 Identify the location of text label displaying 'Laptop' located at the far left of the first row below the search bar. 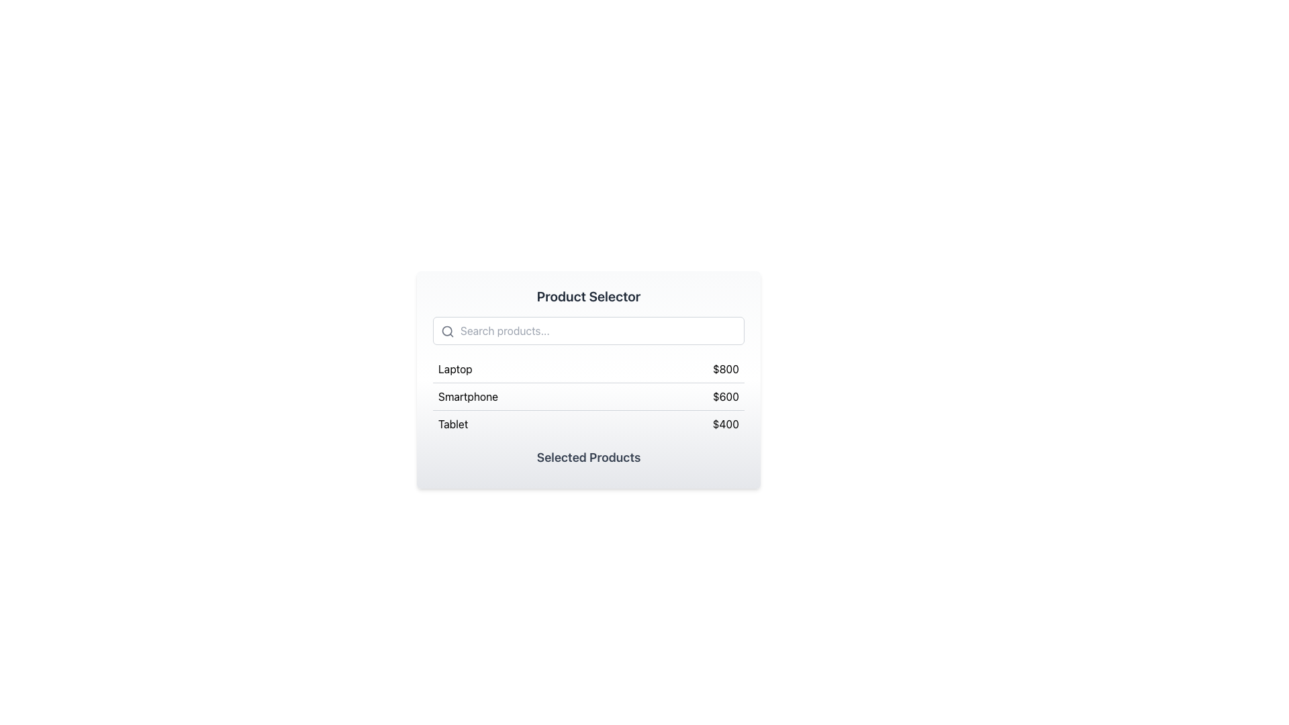
(455, 369).